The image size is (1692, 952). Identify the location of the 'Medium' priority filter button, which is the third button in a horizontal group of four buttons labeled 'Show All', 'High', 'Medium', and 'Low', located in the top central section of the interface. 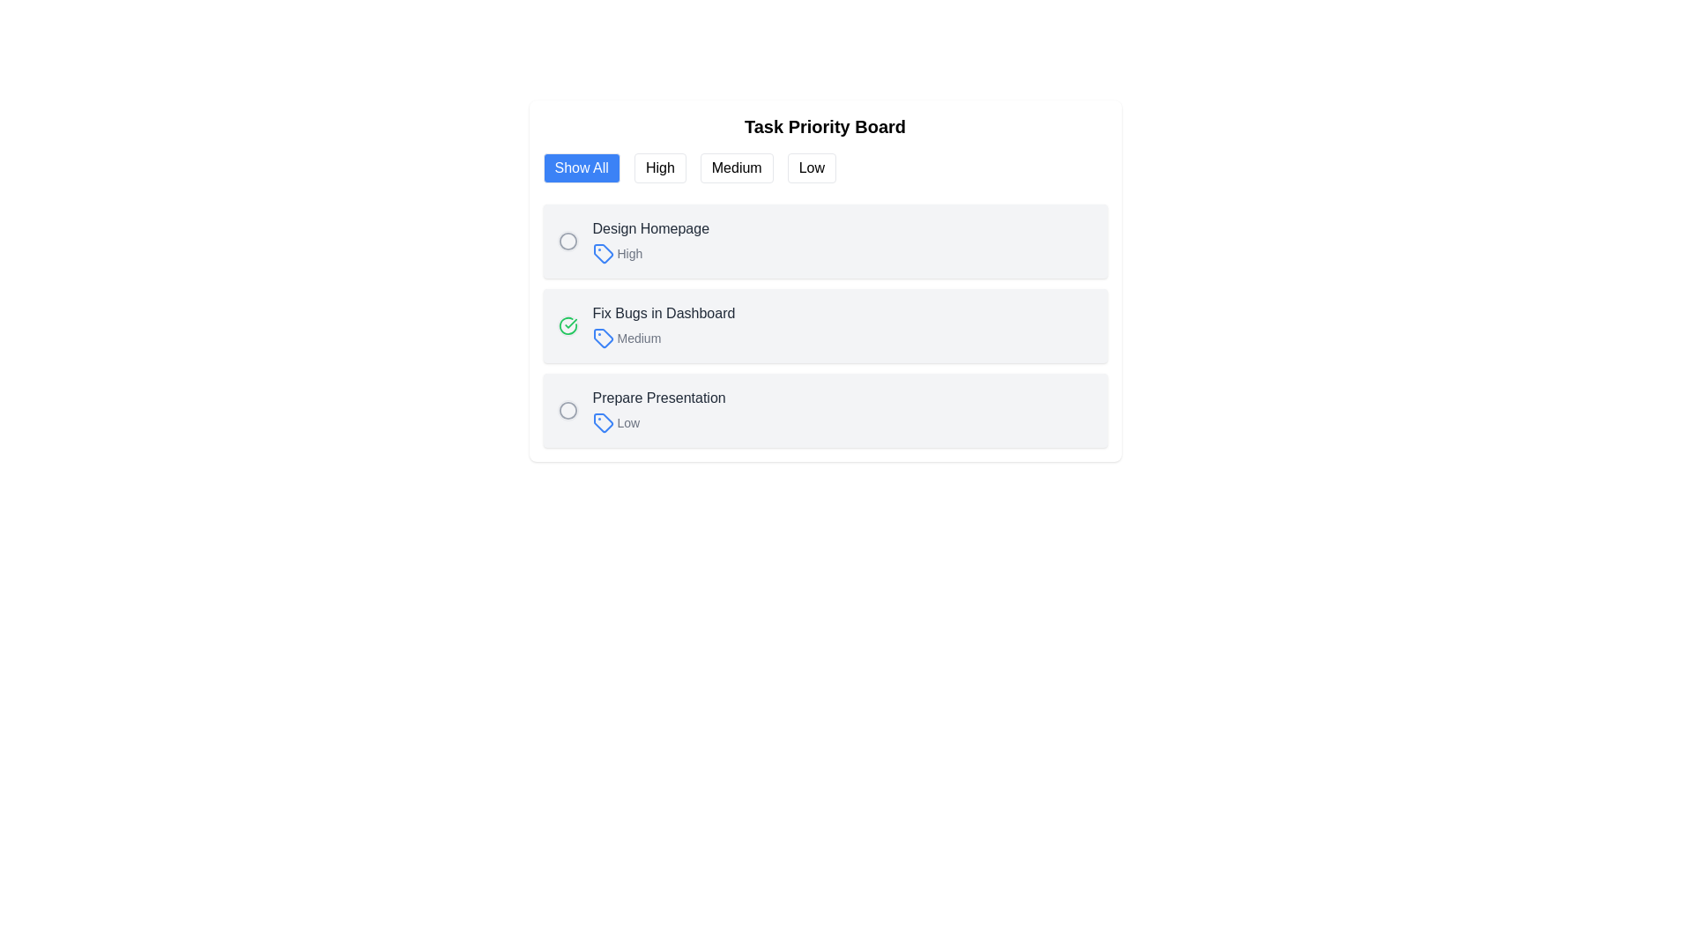
(737, 168).